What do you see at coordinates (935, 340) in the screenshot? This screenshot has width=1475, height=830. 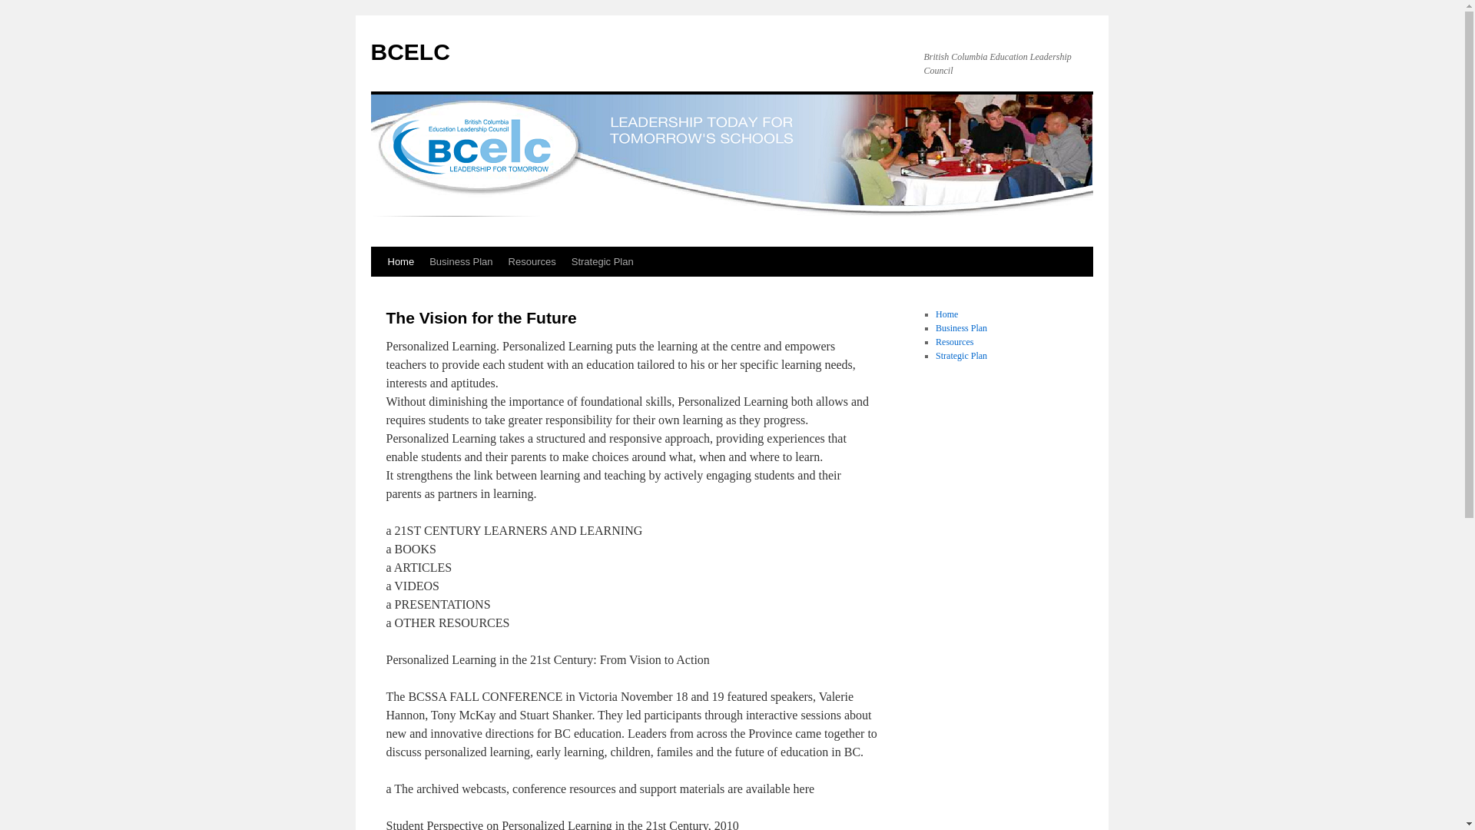 I see `'Resources'` at bounding box center [935, 340].